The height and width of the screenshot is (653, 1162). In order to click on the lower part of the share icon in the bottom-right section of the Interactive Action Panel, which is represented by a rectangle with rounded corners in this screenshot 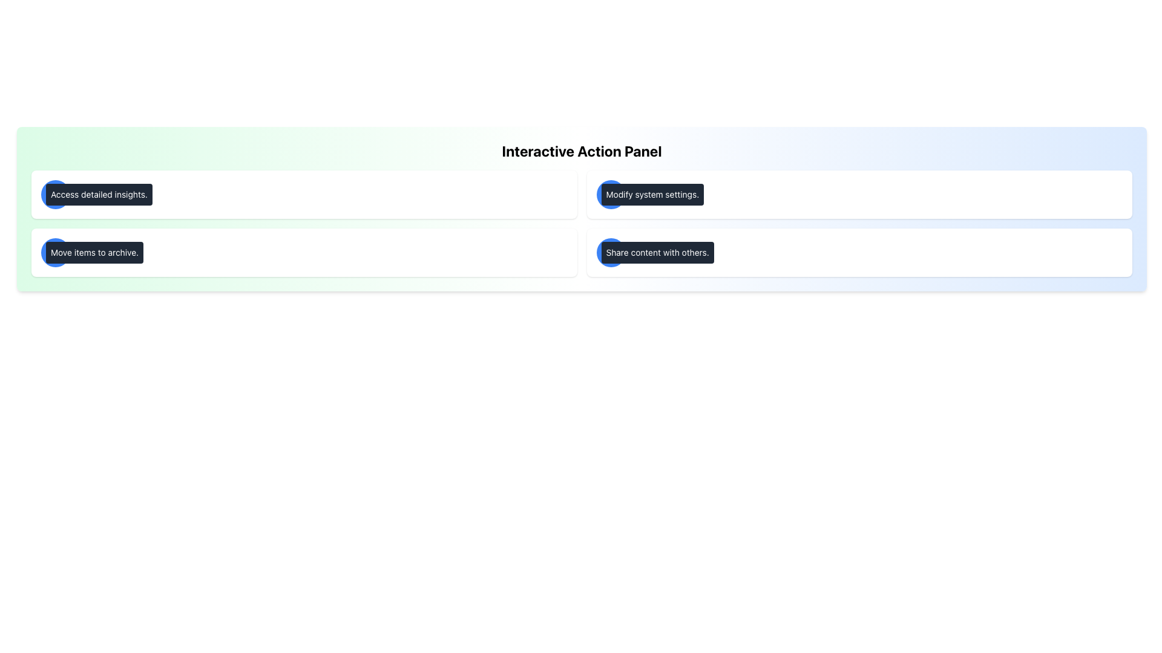, I will do `click(611, 255)`.